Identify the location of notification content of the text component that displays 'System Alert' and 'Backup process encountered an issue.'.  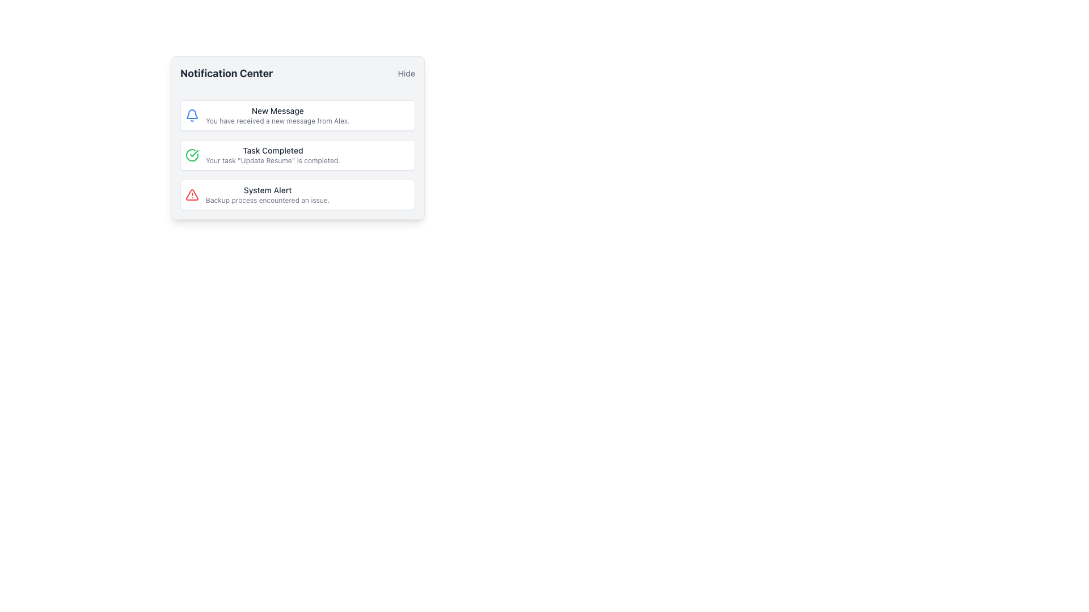
(267, 194).